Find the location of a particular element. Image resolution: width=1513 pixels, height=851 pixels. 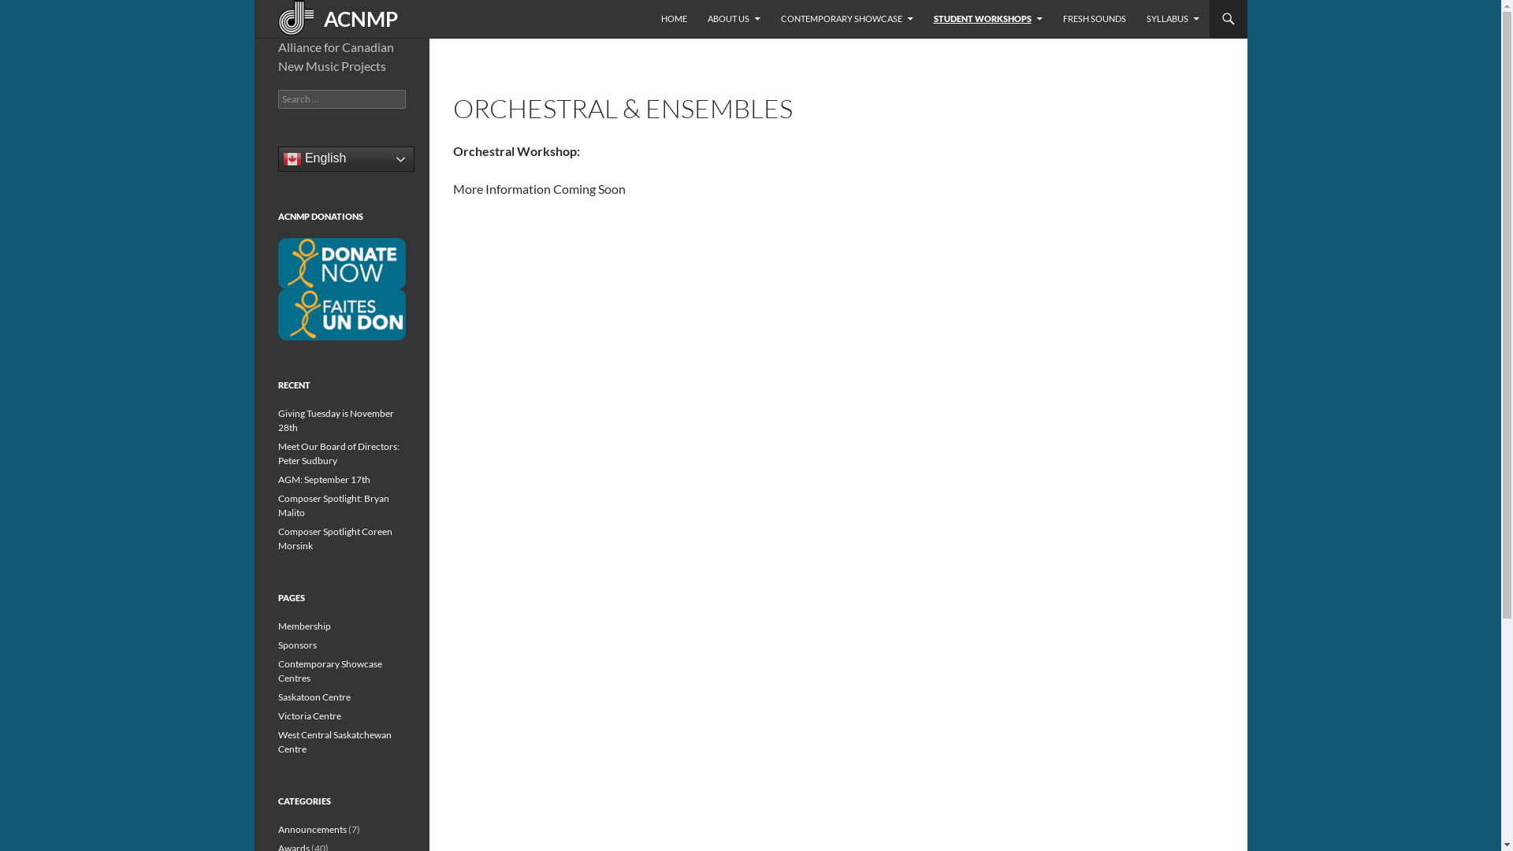

'Saskatoon Centre' is located at coordinates (314, 696).